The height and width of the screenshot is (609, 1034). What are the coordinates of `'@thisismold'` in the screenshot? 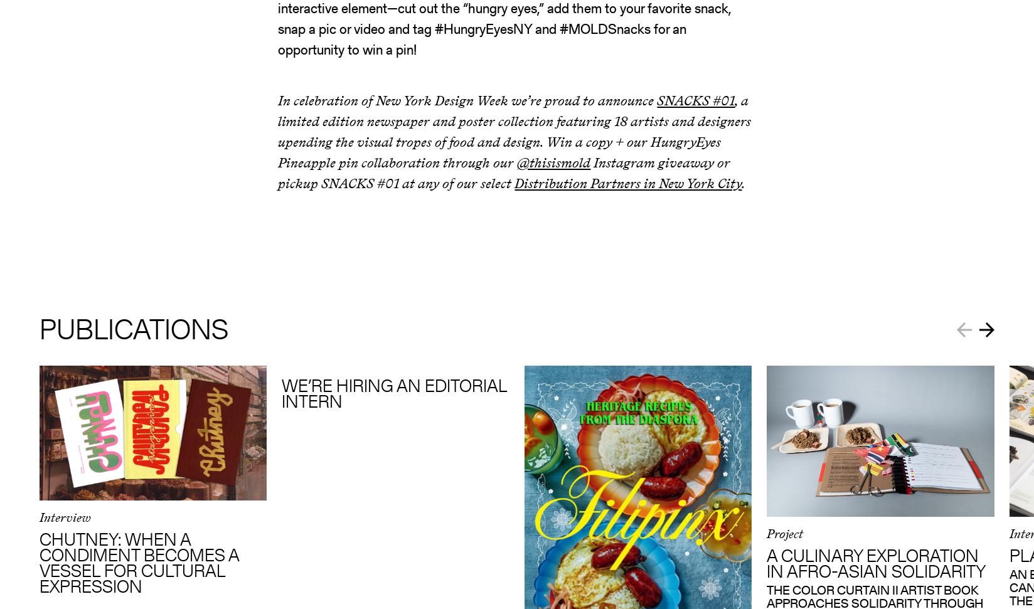 It's located at (553, 162).